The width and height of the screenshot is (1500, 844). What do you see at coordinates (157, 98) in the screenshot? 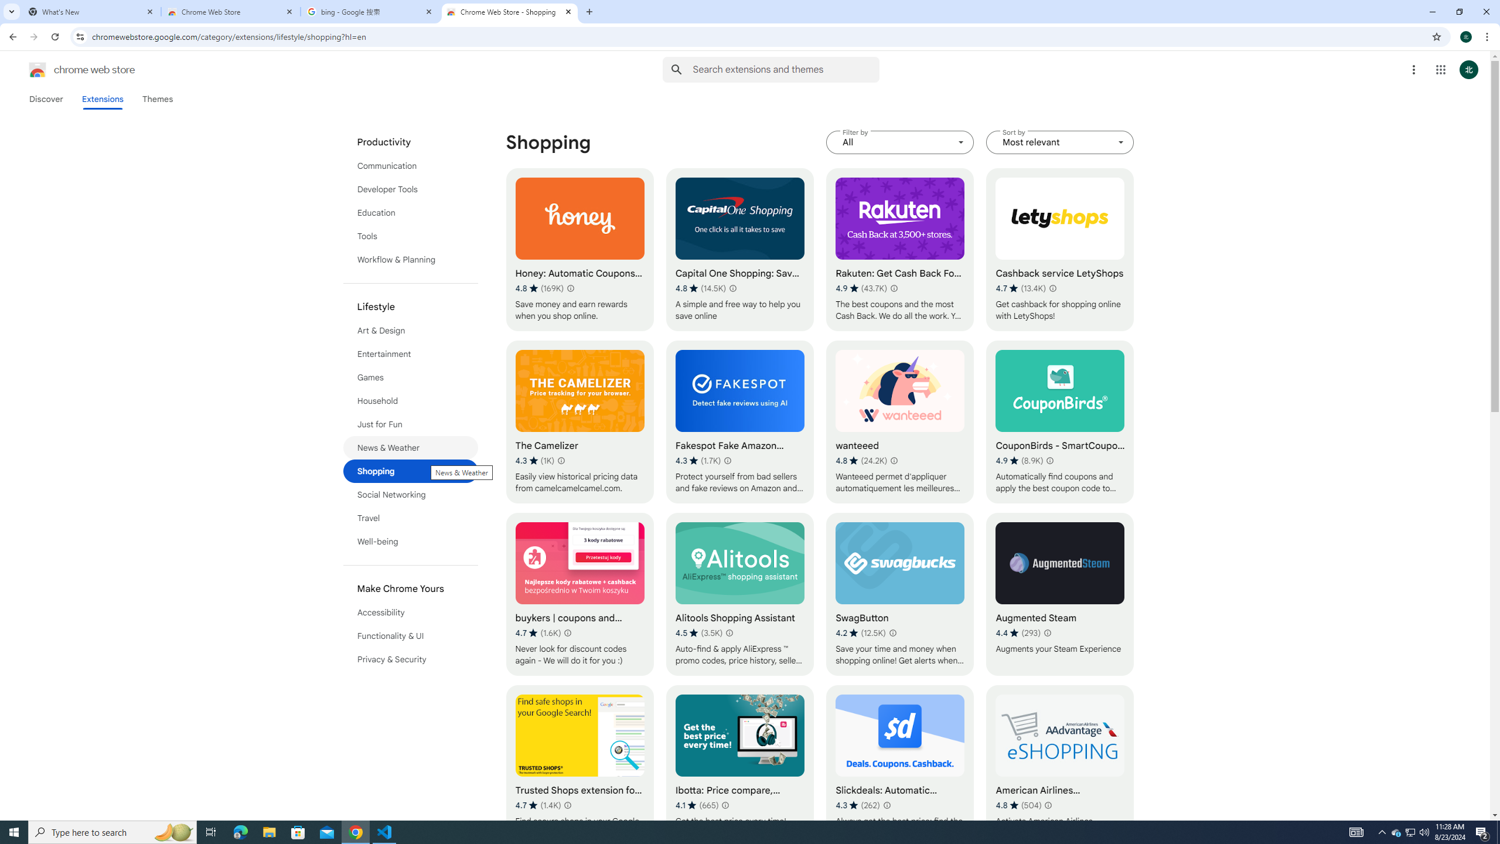
I see `'Themes'` at bounding box center [157, 98].